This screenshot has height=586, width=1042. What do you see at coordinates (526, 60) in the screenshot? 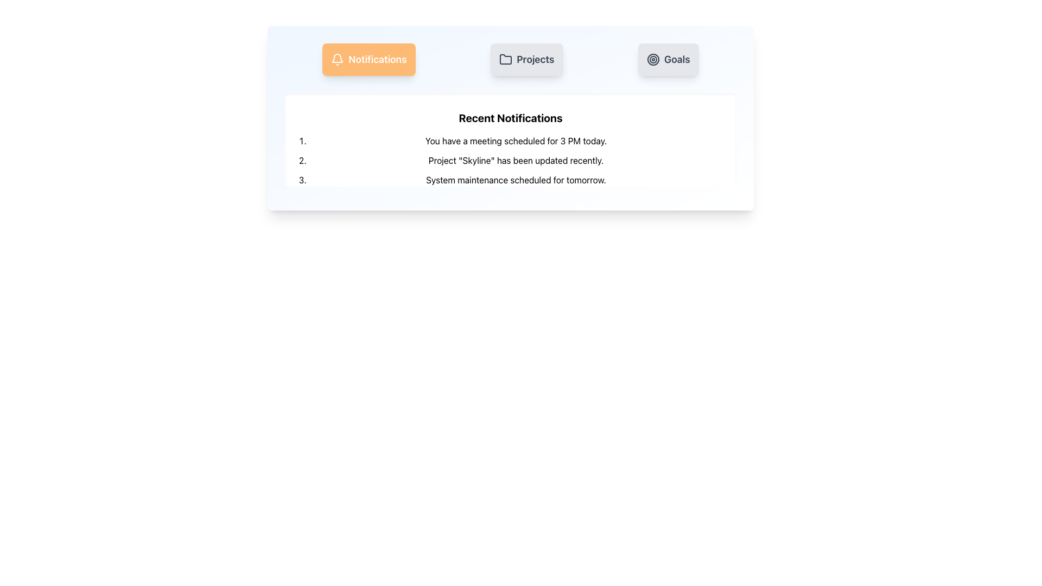
I see `the 'Projects' button, which is the second button in a horizontal row of three, to observe its hover-specific styling effects` at bounding box center [526, 60].